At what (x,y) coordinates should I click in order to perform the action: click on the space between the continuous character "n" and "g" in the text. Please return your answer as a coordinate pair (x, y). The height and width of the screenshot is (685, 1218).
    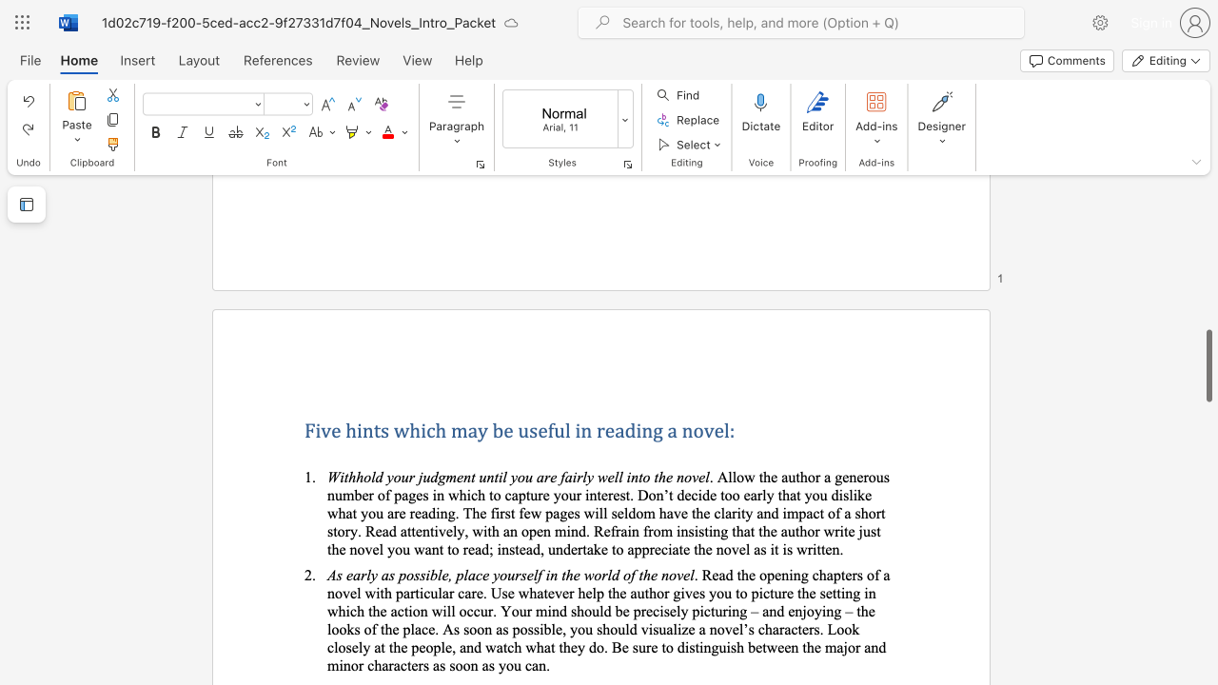
    Looking at the image, I should click on (652, 430).